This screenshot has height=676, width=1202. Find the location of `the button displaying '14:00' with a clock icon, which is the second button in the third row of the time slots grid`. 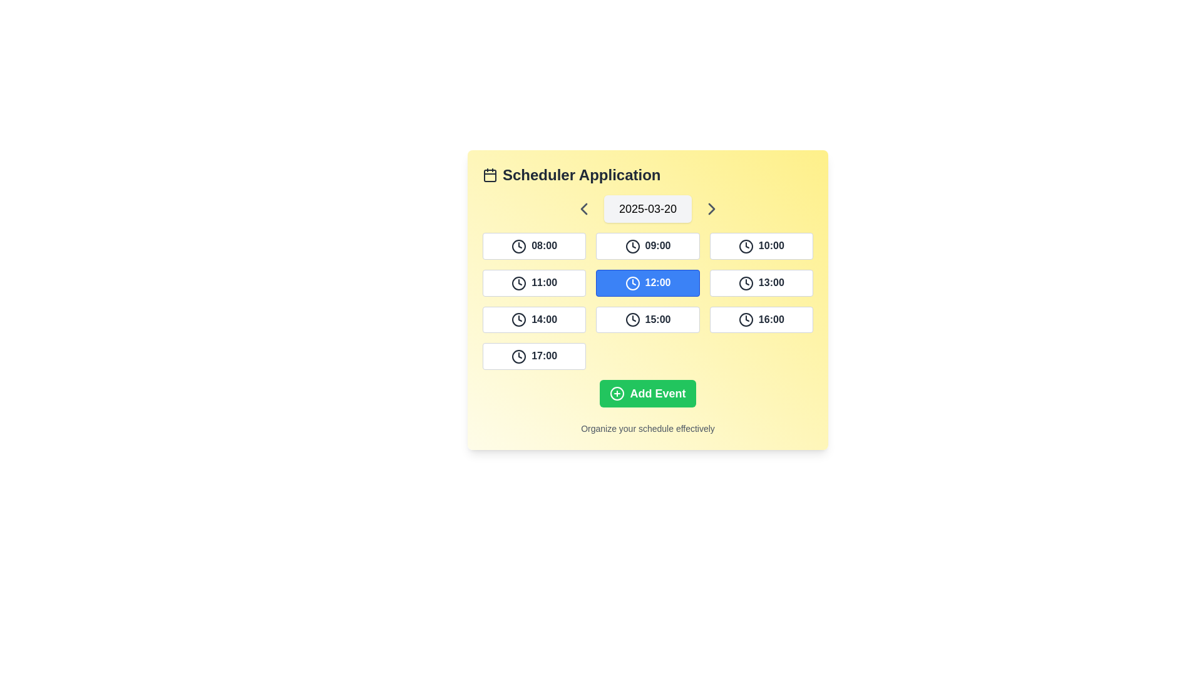

the button displaying '14:00' with a clock icon, which is the second button in the third row of the time slots grid is located at coordinates (534, 319).